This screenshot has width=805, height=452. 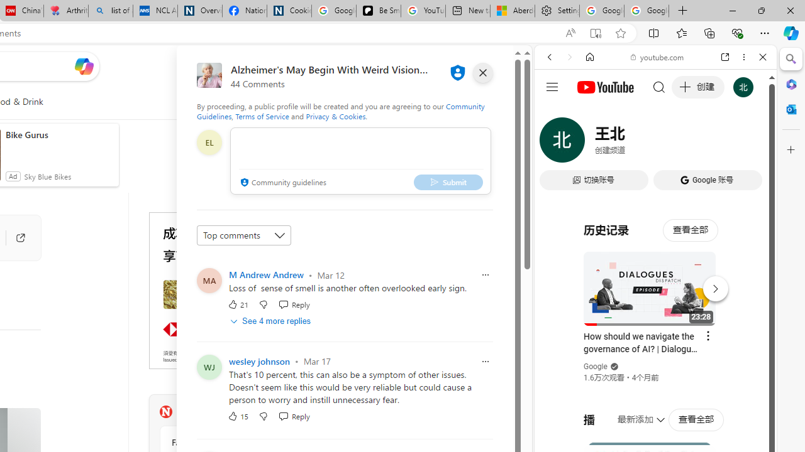 I want to click on '15 Like', so click(x=238, y=416).